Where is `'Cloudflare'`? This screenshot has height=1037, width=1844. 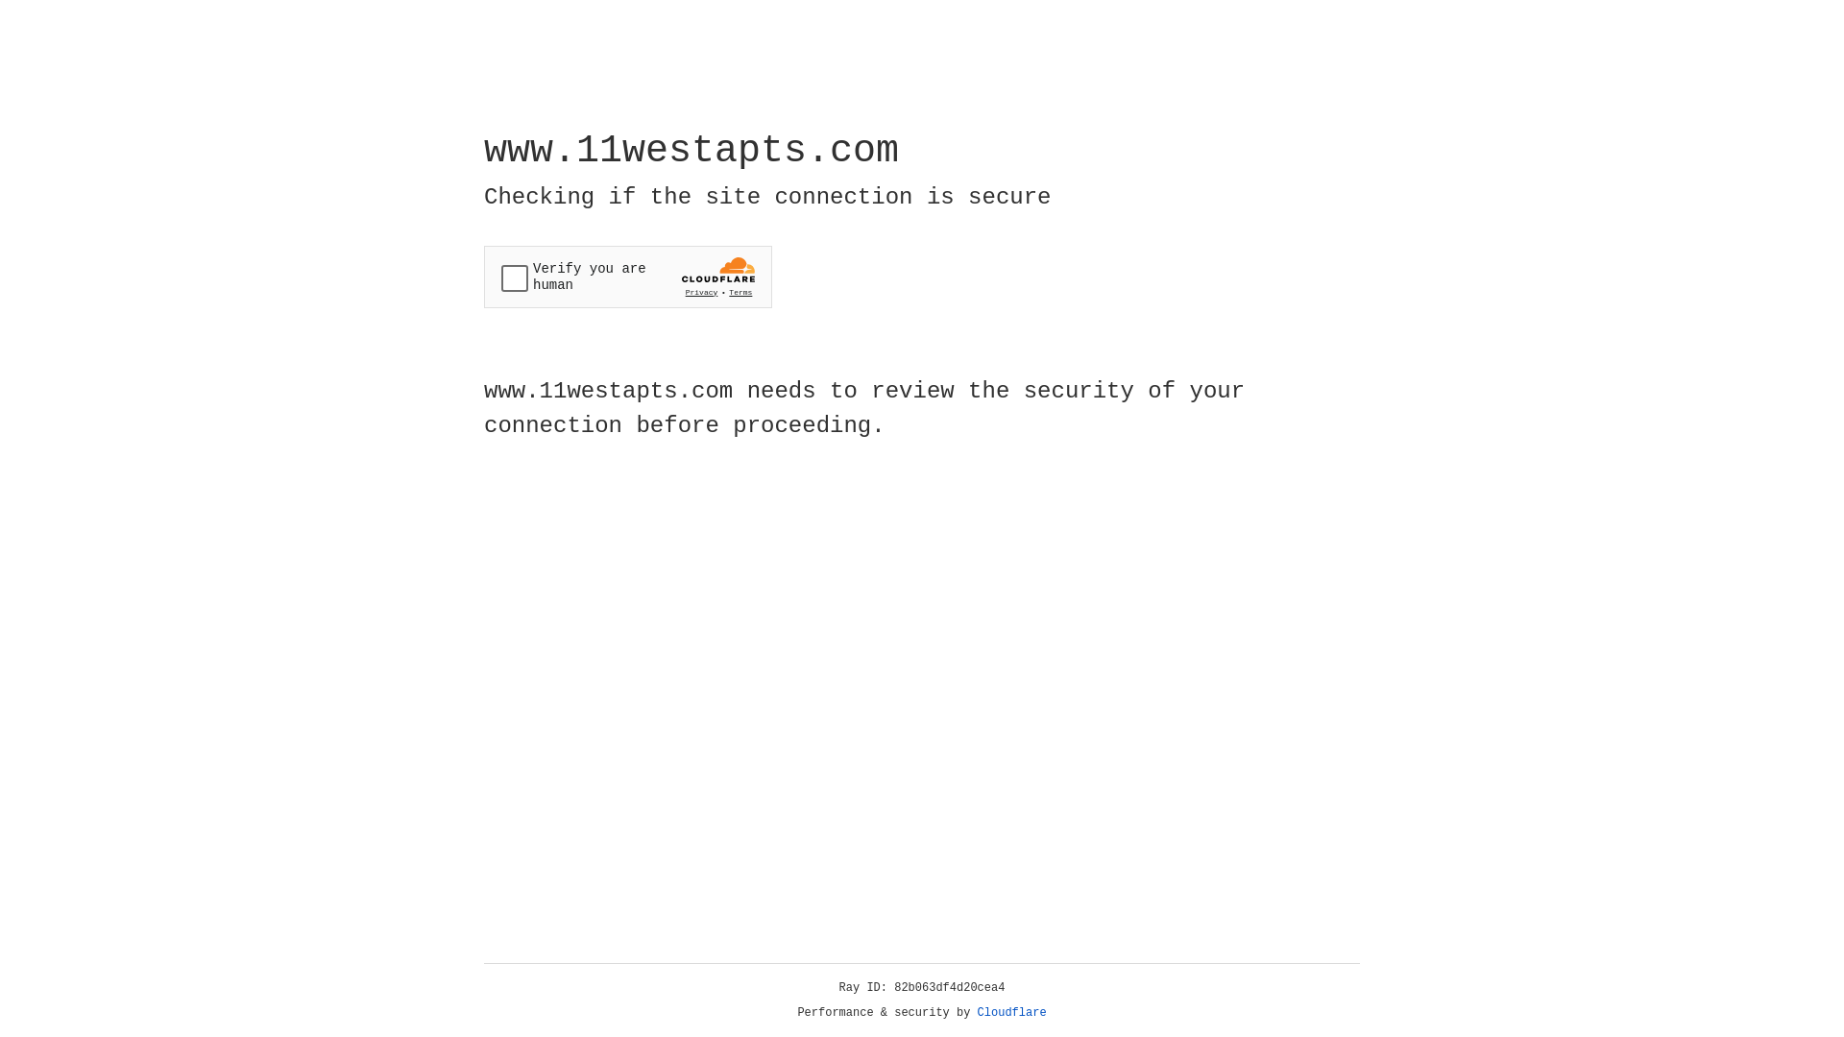 'Cloudflare' is located at coordinates (1011, 1012).